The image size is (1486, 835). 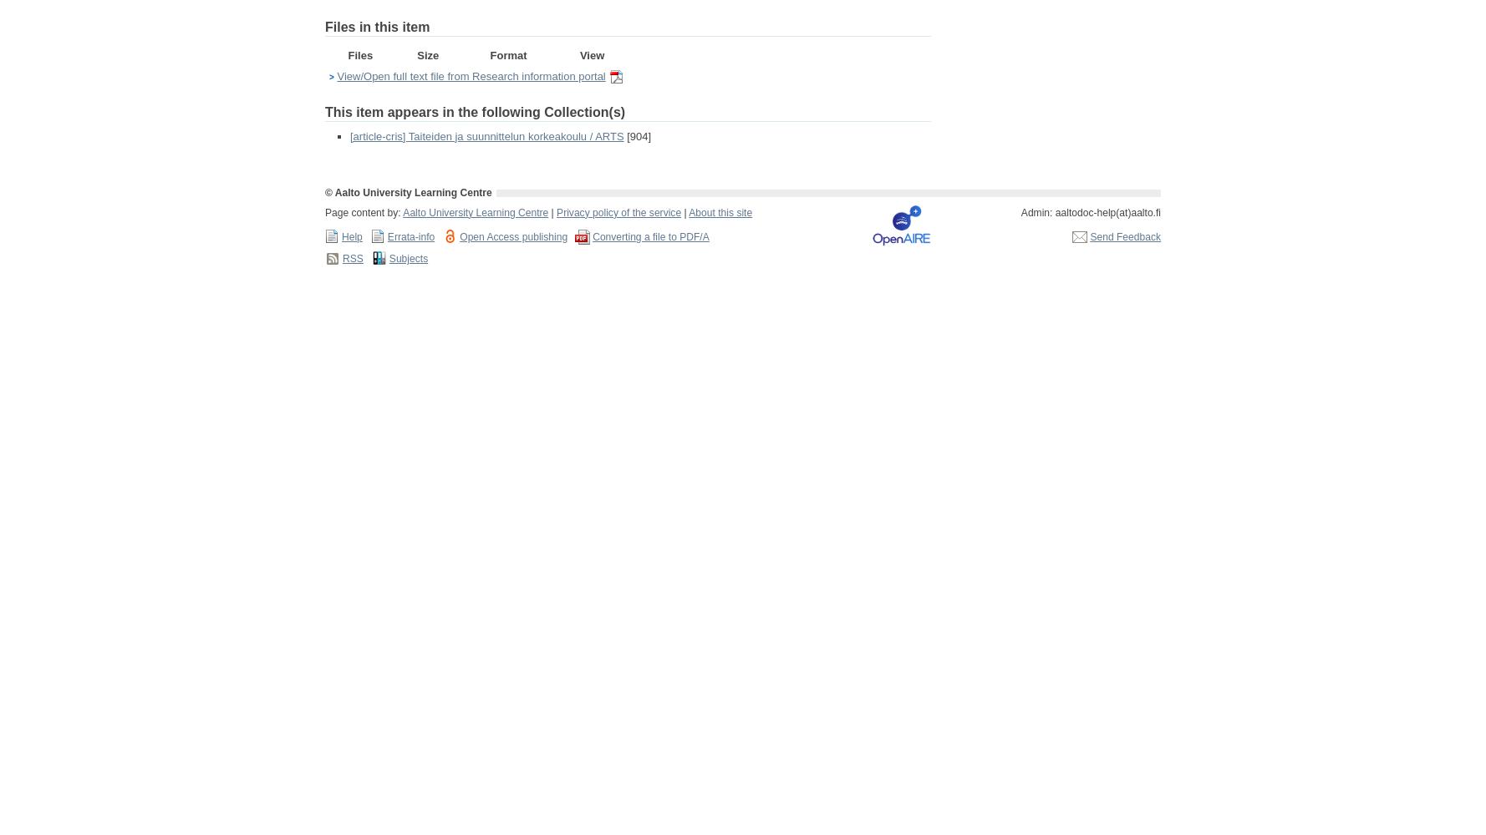 I want to click on 'About this site', so click(x=719, y=212).